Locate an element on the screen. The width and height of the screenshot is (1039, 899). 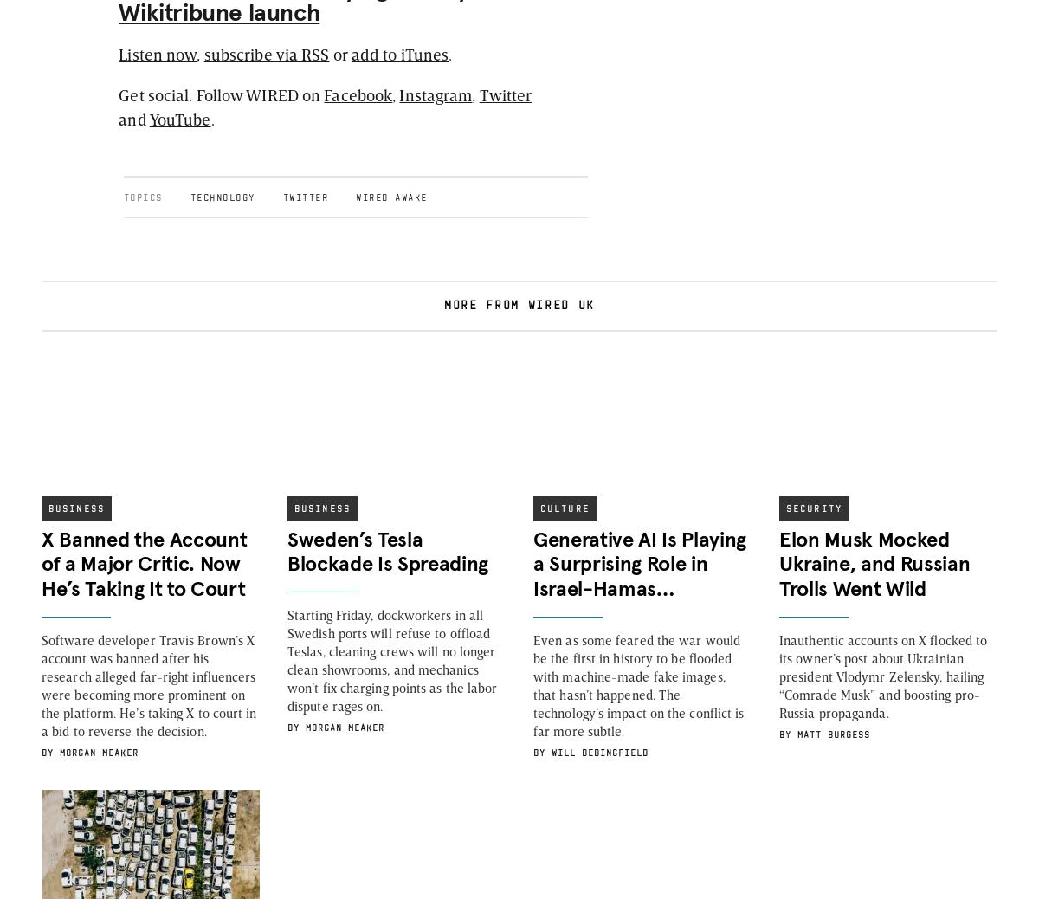
'Inauthentic accounts on X flocked to its owner’s post about Ukrainian president Vlodymr Zelensky, hailing “Comrade Musk” and boosting pro-Russia propaganda.' is located at coordinates (883, 675).